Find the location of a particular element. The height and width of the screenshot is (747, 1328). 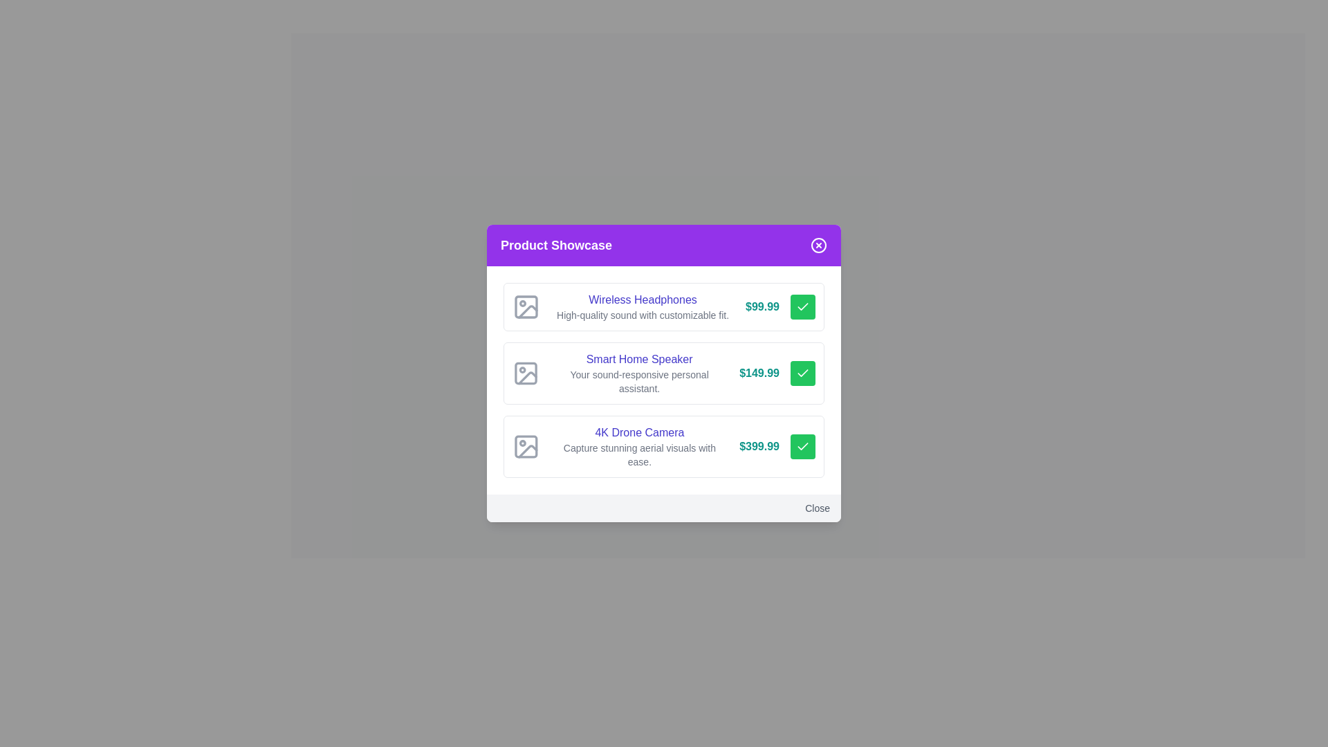

the check mark icon inside the confirmation button aligned to the right of the '4K Drone Camera' listing to confirm selection is located at coordinates (803, 445).